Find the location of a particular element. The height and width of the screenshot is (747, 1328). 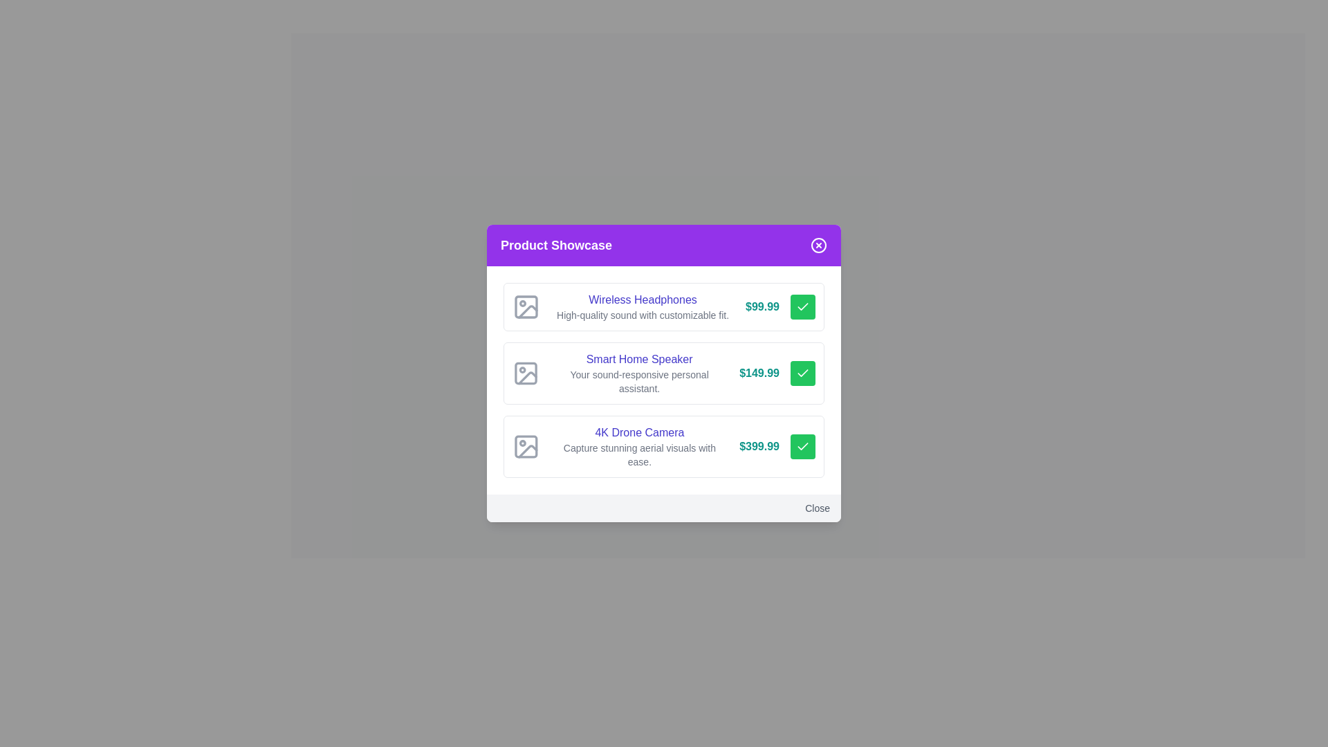

the check mark icon inside the confirmation button aligned to the right of the '4K Drone Camera' listing to confirm selection is located at coordinates (803, 445).